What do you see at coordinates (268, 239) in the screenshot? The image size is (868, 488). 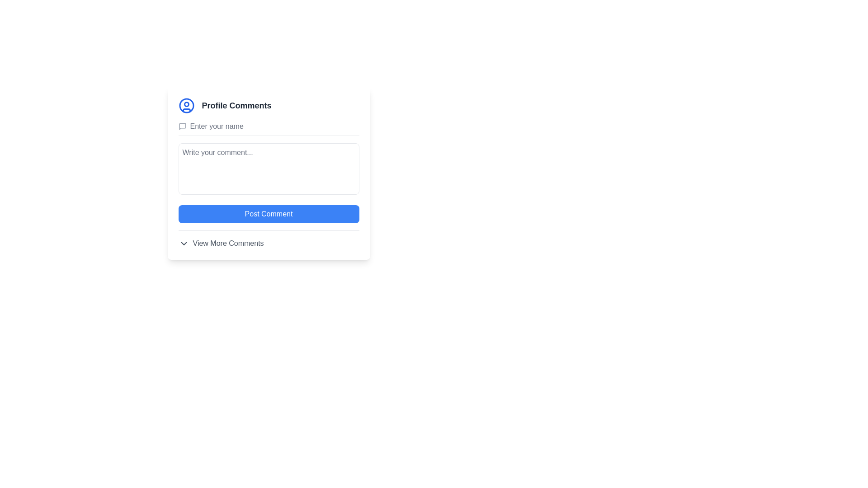 I see `the button that expands or displays additional comments, located at the bottom of the comment section, just below the 'Post Comment' button` at bounding box center [268, 239].